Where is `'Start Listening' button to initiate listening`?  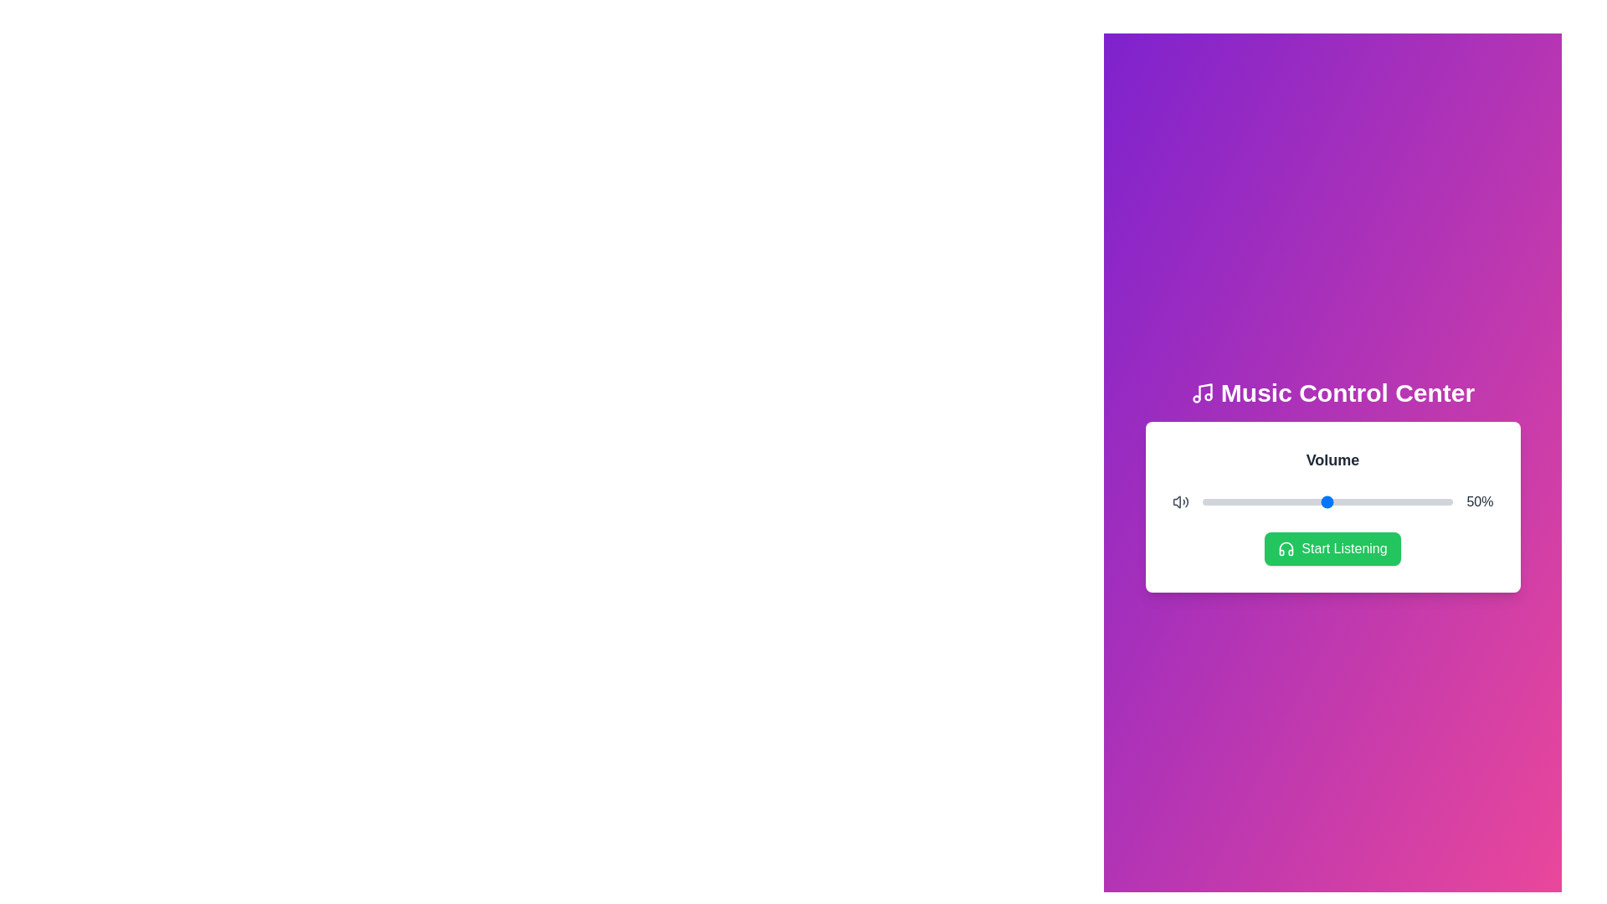
'Start Listening' button to initiate listening is located at coordinates (1332, 548).